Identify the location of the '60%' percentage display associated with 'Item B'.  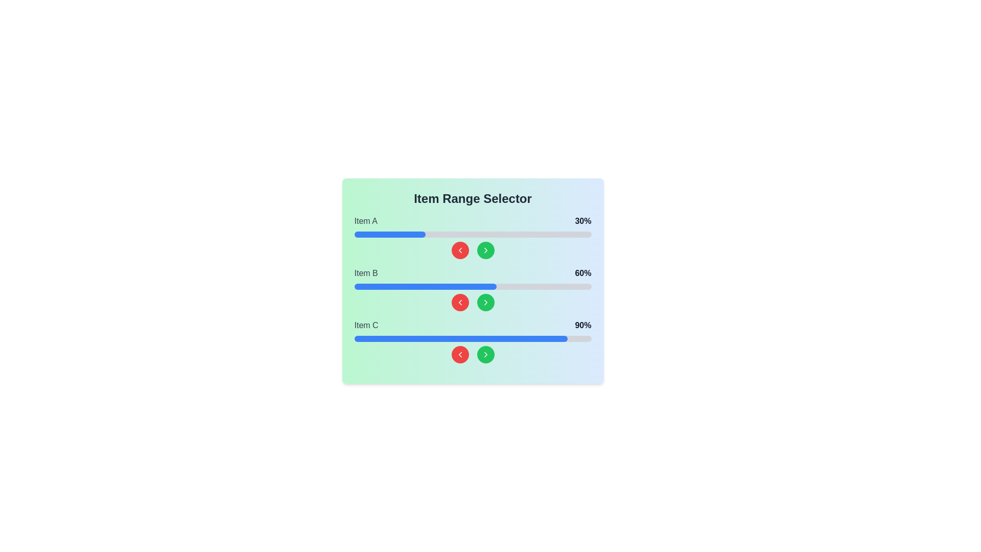
(472, 273).